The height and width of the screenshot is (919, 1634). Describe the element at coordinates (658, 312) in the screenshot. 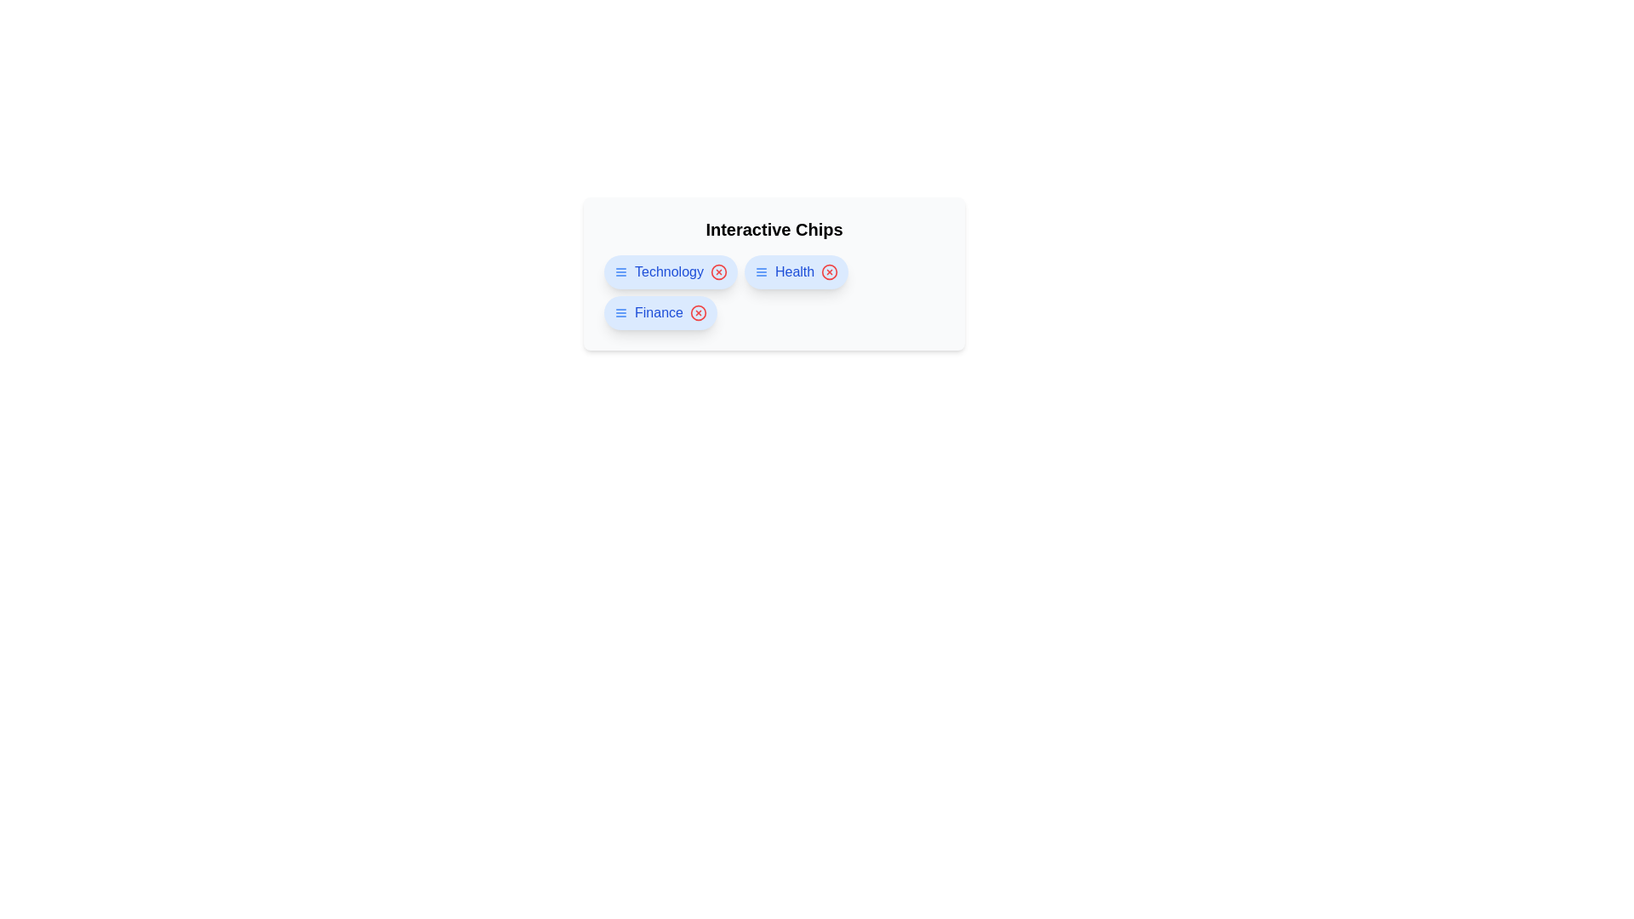

I see `the chip labeled Finance to navigate to its link` at that location.